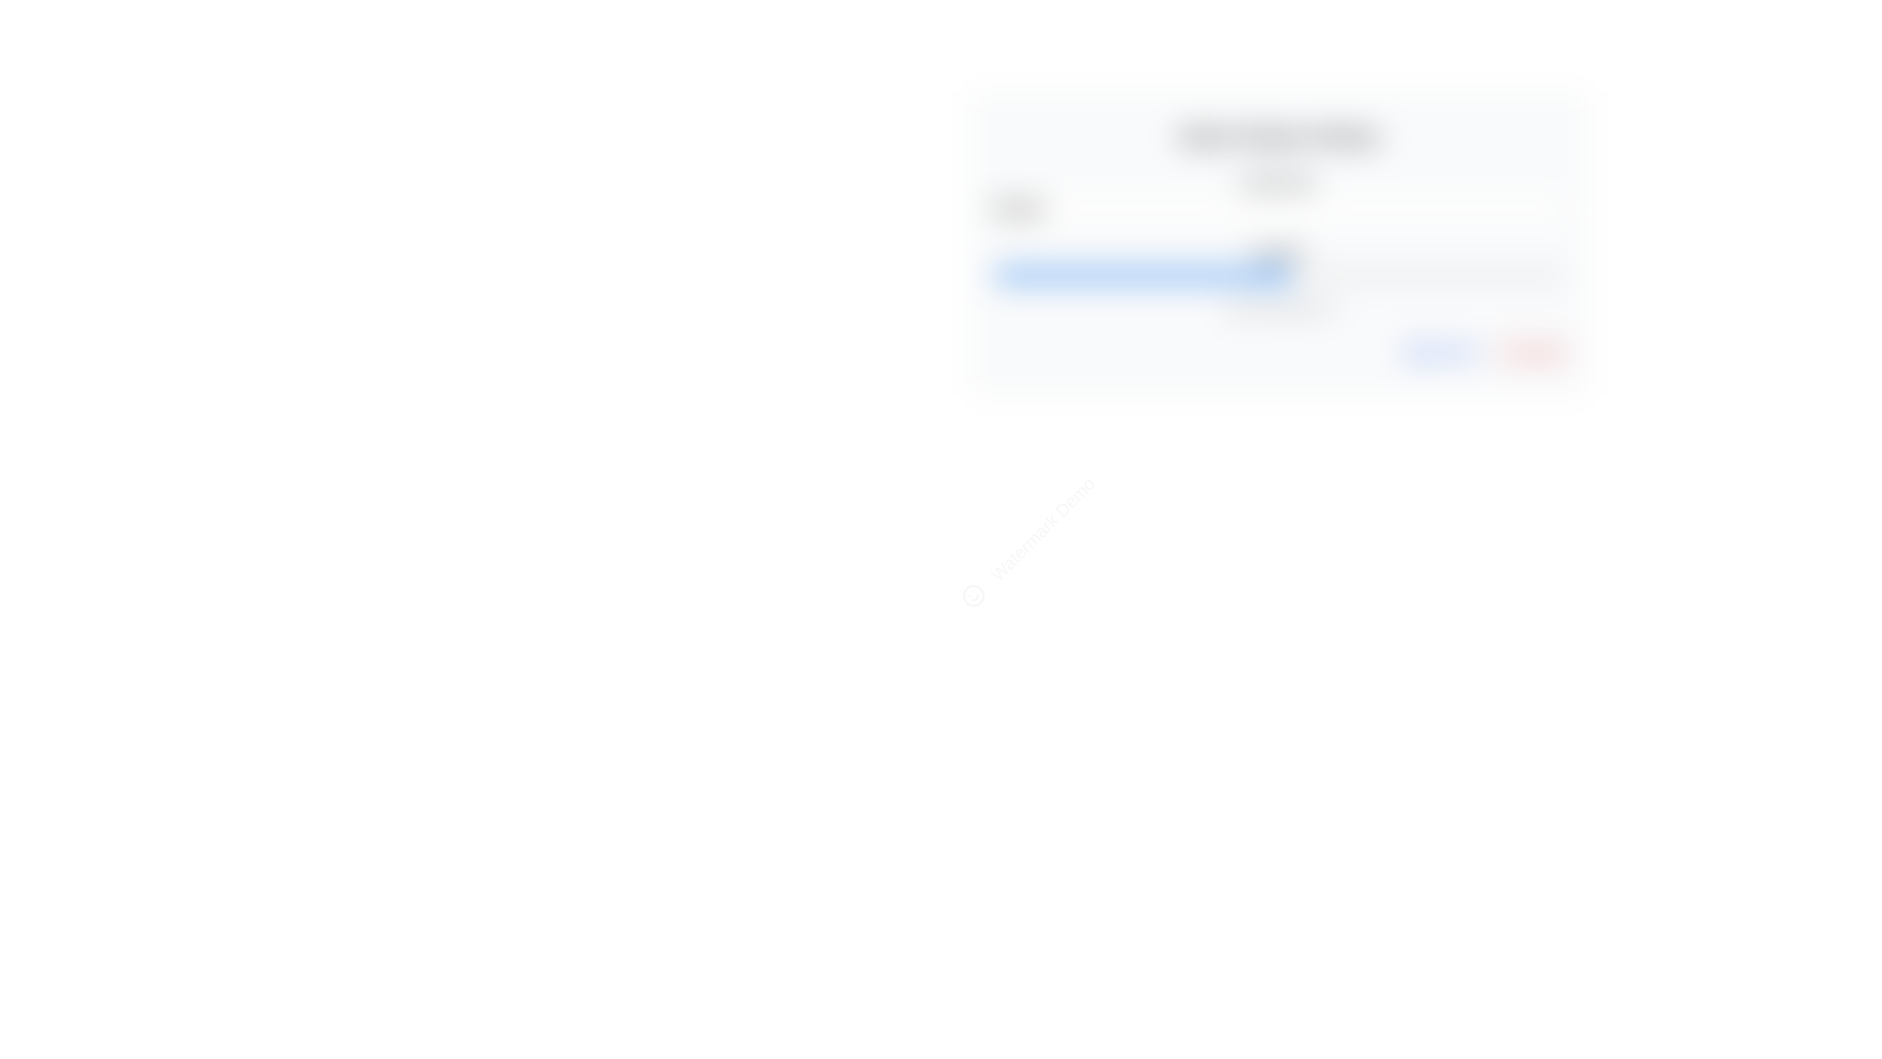 The image size is (1882, 1059). What do you see at coordinates (1324, 276) in the screenshot?
I see `the slider value` at bounding box center [1324, 276].